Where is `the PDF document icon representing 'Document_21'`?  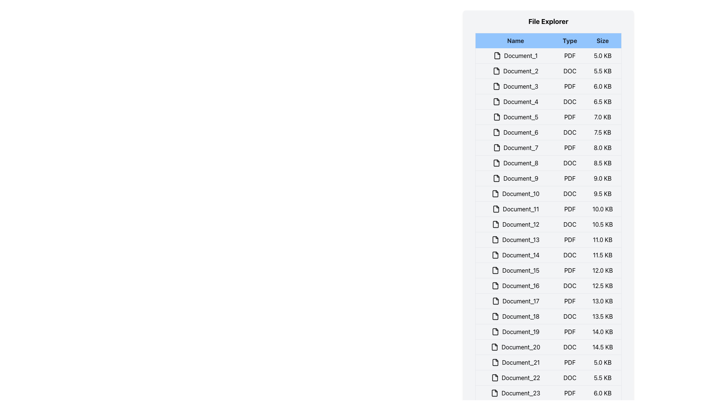 the PDF document icon representing 'Document_21' is located at coordinates (495, 362).